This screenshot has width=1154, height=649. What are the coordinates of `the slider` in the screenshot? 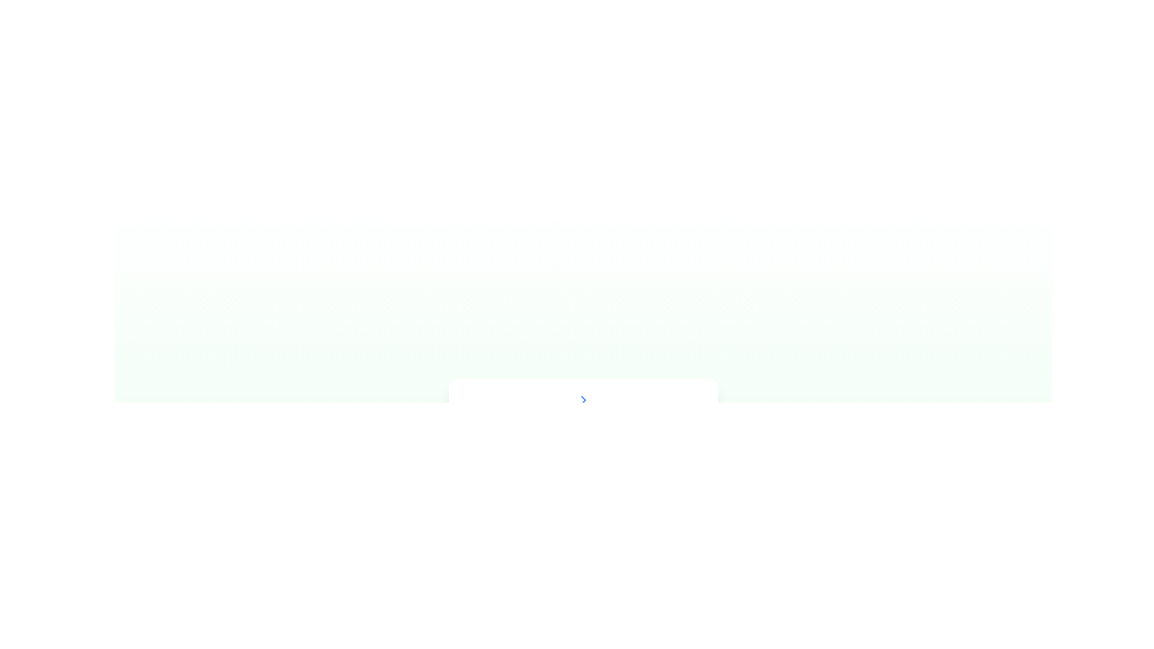 It's located at (573, 602).